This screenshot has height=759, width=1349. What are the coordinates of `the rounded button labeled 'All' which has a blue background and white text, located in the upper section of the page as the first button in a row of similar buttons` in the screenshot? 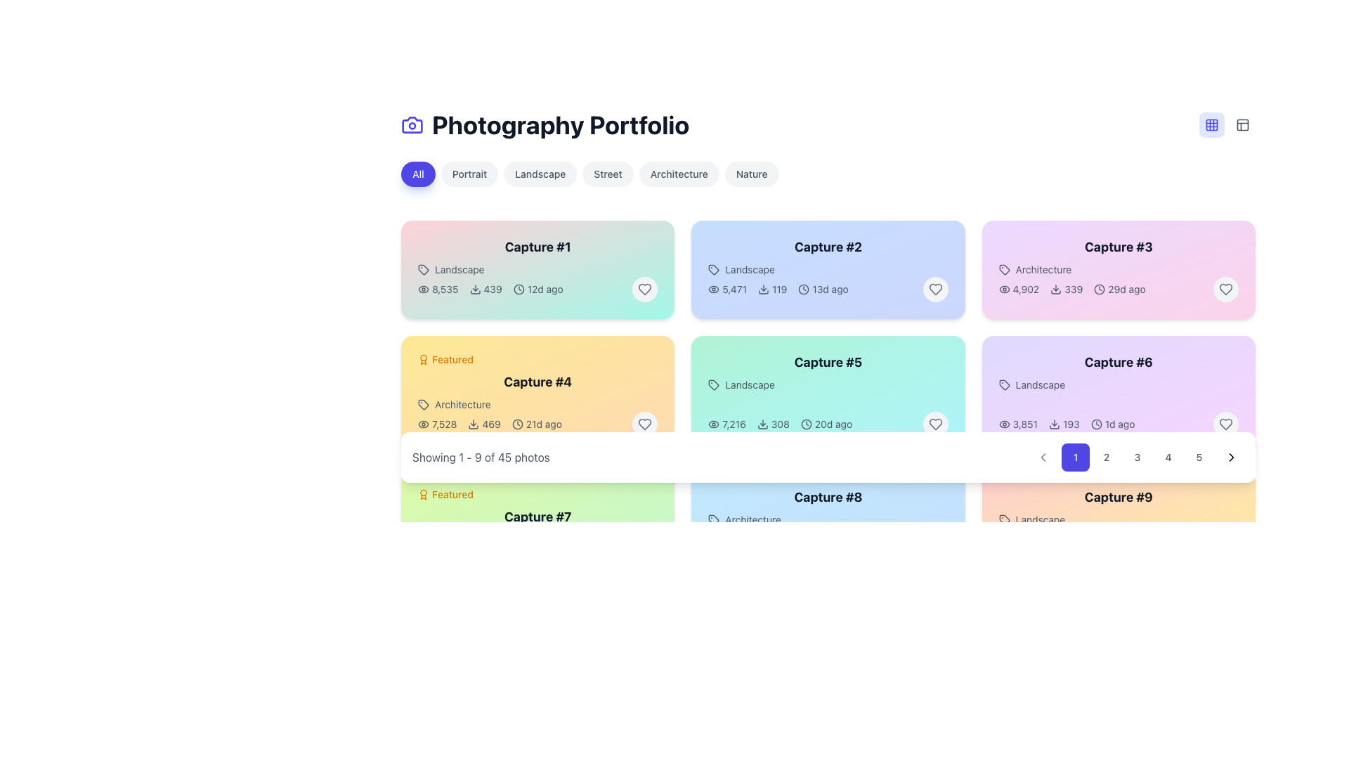 It's located at (417, 173).